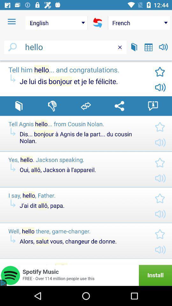  What do you see at coordinates (86, 275) in the screenshot?
I see `install` at bounding box center [86, 275].